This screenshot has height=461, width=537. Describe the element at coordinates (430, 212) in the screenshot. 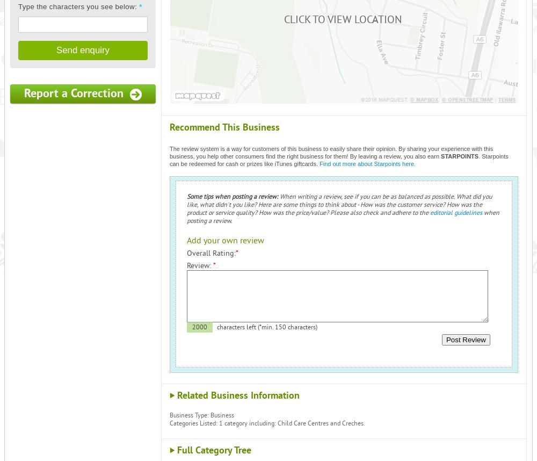

I see `'editorial guidelines'` at that location.